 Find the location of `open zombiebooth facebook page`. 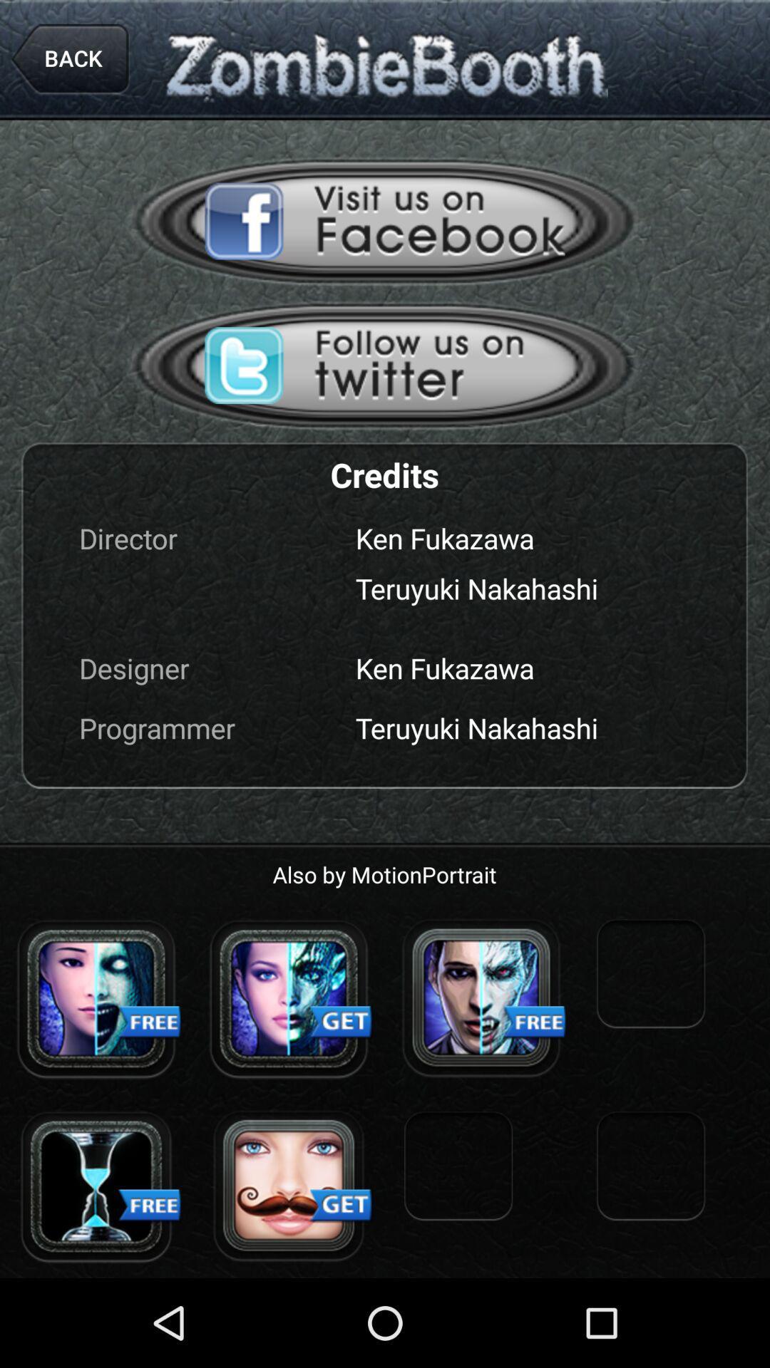

open zombiebooth facebook page is located at coordinates (385, 220).